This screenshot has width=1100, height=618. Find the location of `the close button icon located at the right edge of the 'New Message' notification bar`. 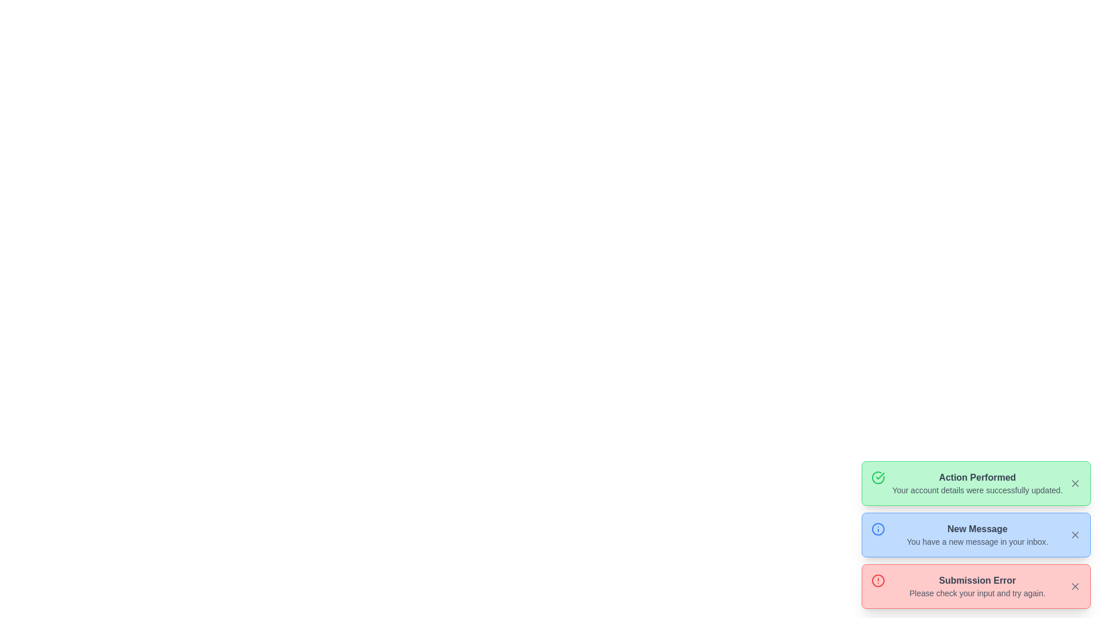

the close button icon located at the right edge of the 'New Message' notification bar is located at coordinates (1074, 534).